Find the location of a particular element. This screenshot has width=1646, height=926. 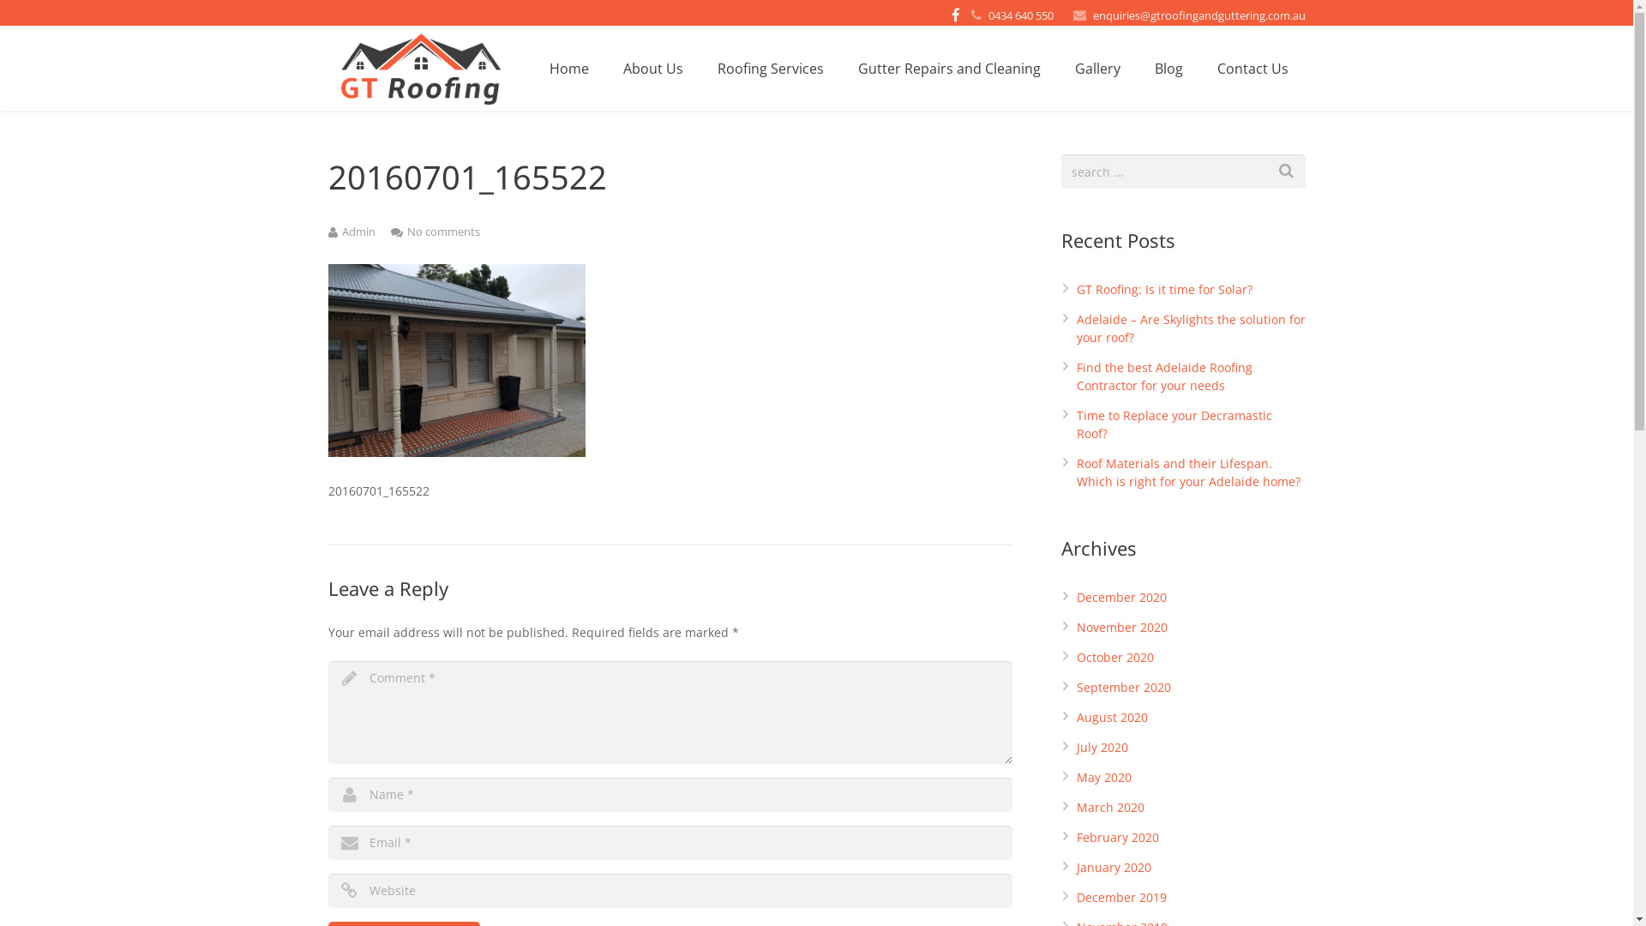

'May 2020' is located at coordinates (1103, 777).